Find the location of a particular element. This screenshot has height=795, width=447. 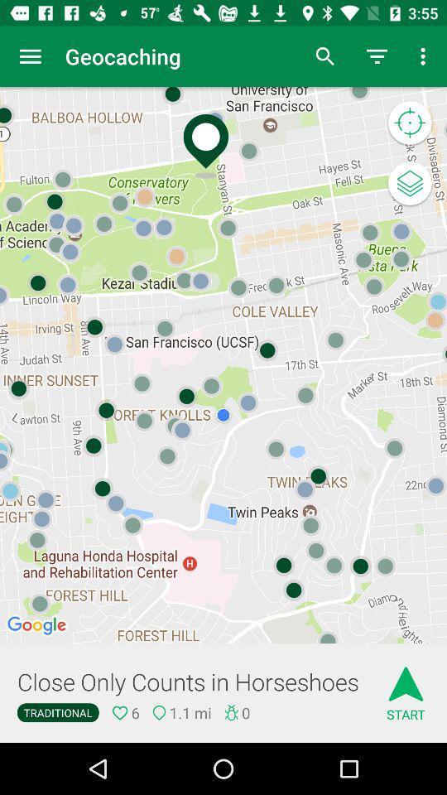

the item at the bottom right corner is located at coordinates (405, 688).